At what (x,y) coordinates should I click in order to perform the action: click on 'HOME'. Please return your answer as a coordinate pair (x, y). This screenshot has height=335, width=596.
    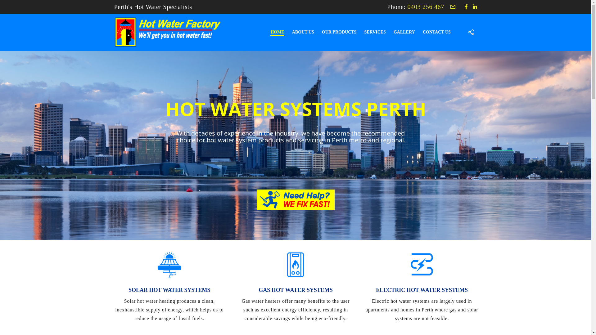
    Looking at the image, I should click on (273, 32).